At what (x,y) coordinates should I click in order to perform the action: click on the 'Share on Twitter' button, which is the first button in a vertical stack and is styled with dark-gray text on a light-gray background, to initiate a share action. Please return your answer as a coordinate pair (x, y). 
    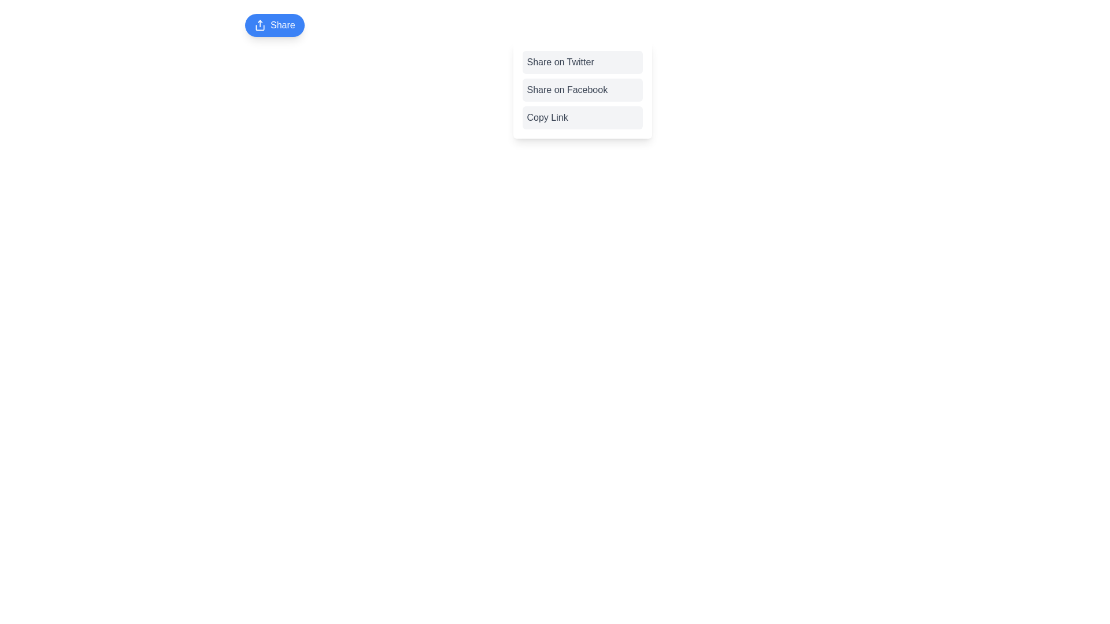
    Looking at the image, I should click on (582, 62).